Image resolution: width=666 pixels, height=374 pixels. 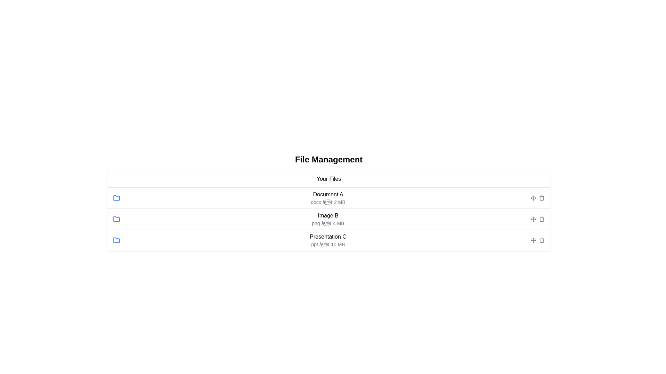 I want to click on the file type icon located in the second row of the file list, aligned to the left, so click(x=117, y=197).